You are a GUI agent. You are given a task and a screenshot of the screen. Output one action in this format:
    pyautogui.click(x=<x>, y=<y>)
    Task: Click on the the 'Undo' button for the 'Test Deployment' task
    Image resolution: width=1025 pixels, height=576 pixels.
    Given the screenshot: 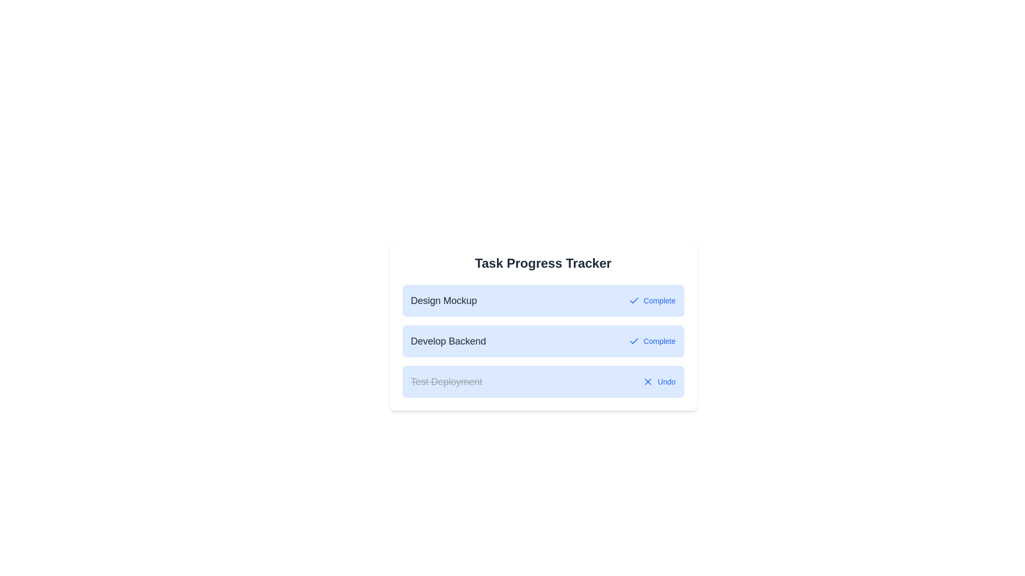 What is the action you would take?
    pyautogui.click(x=658, y=381)
    